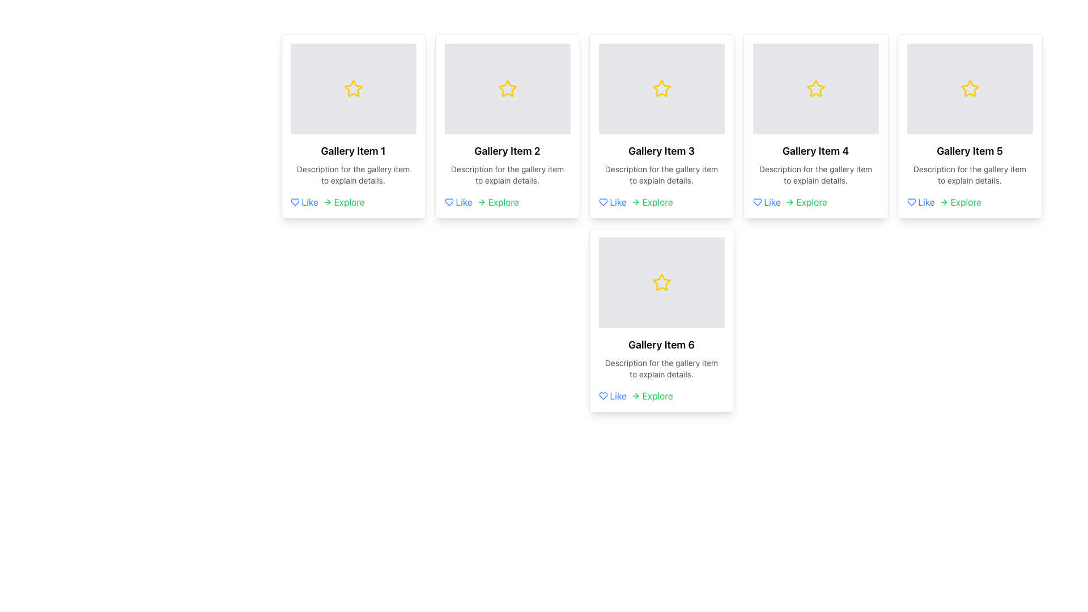 The width and height of the screenshot is (1088, 612). What do you see at coordinates (661, 202) in the screenshot?
I see `the 'Explore' link in the Interactive link group located at the bottom of the 'Gallery Item 3' card` at bounding box center [661, 202].